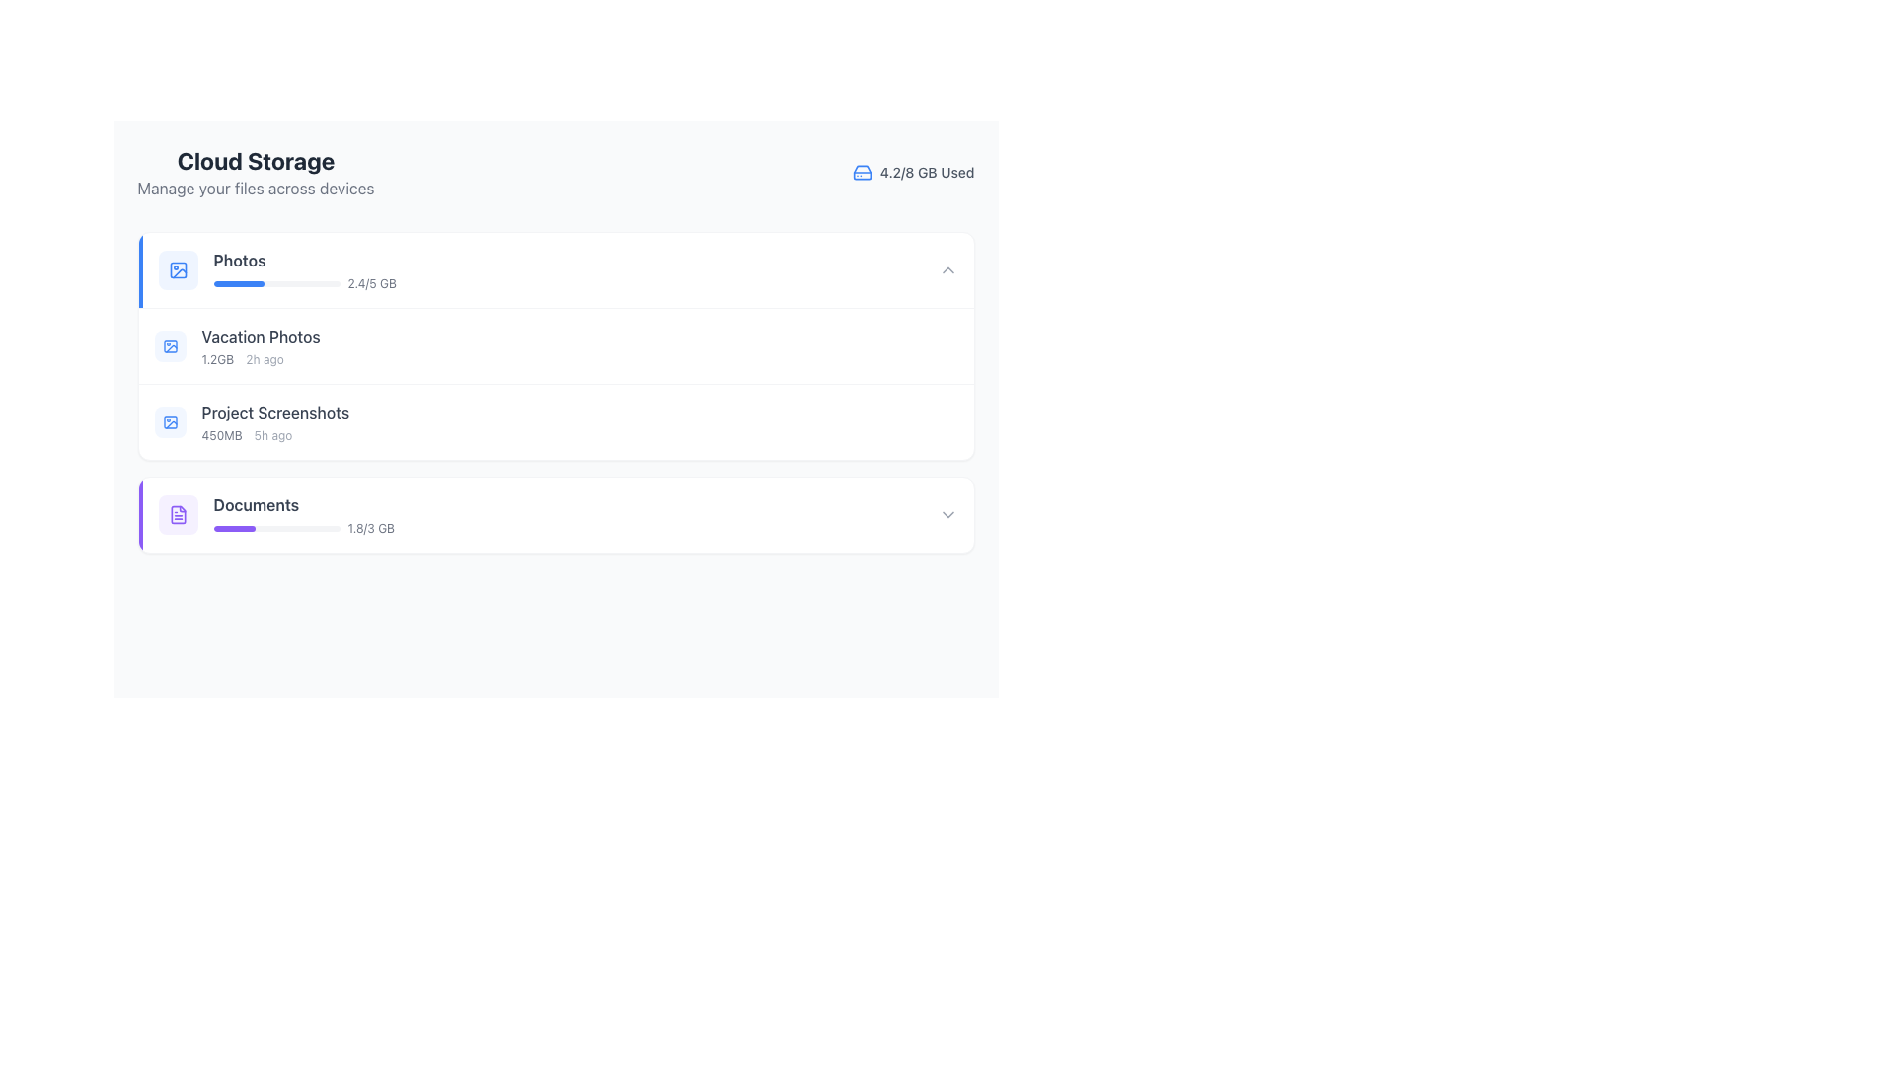 Image resolution: width=1895 pixels, height=1066 pixels. I want to click on the 'Project Screenshots' icon located to the left of the text in the third row of the 'Cloud Storage' list interface, so click(170, 421).